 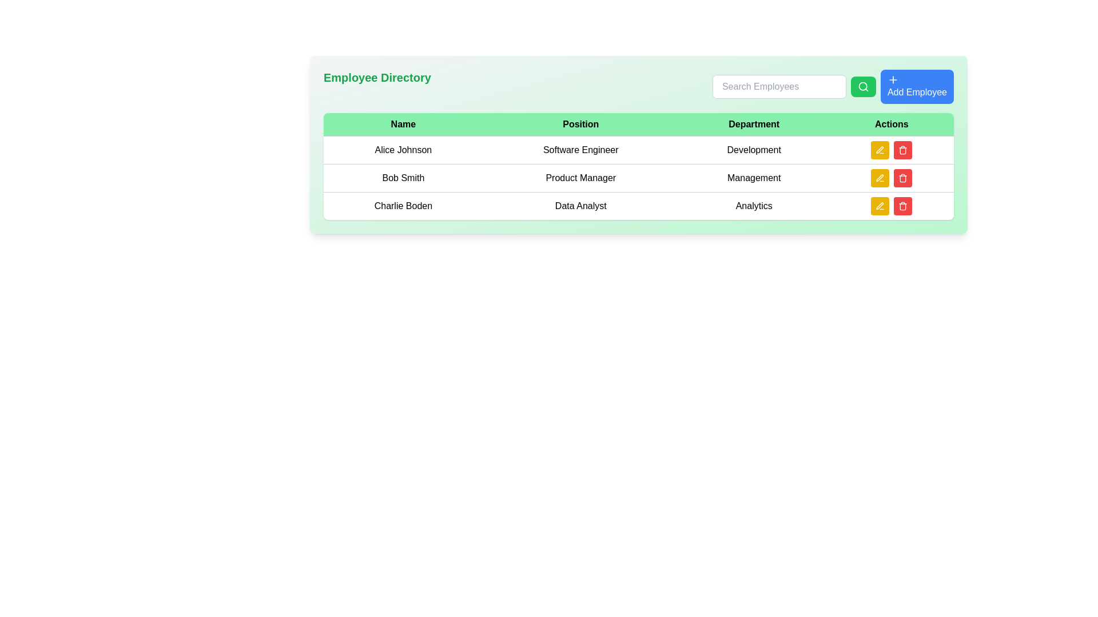 What do you see at coordinates (863, 86) in the screenshot?
I see `the small circular search icon located within the green button adjacent to the blue 'Add Employee' button at the top-right corner of the table interface` at bounding box center [863, 86].